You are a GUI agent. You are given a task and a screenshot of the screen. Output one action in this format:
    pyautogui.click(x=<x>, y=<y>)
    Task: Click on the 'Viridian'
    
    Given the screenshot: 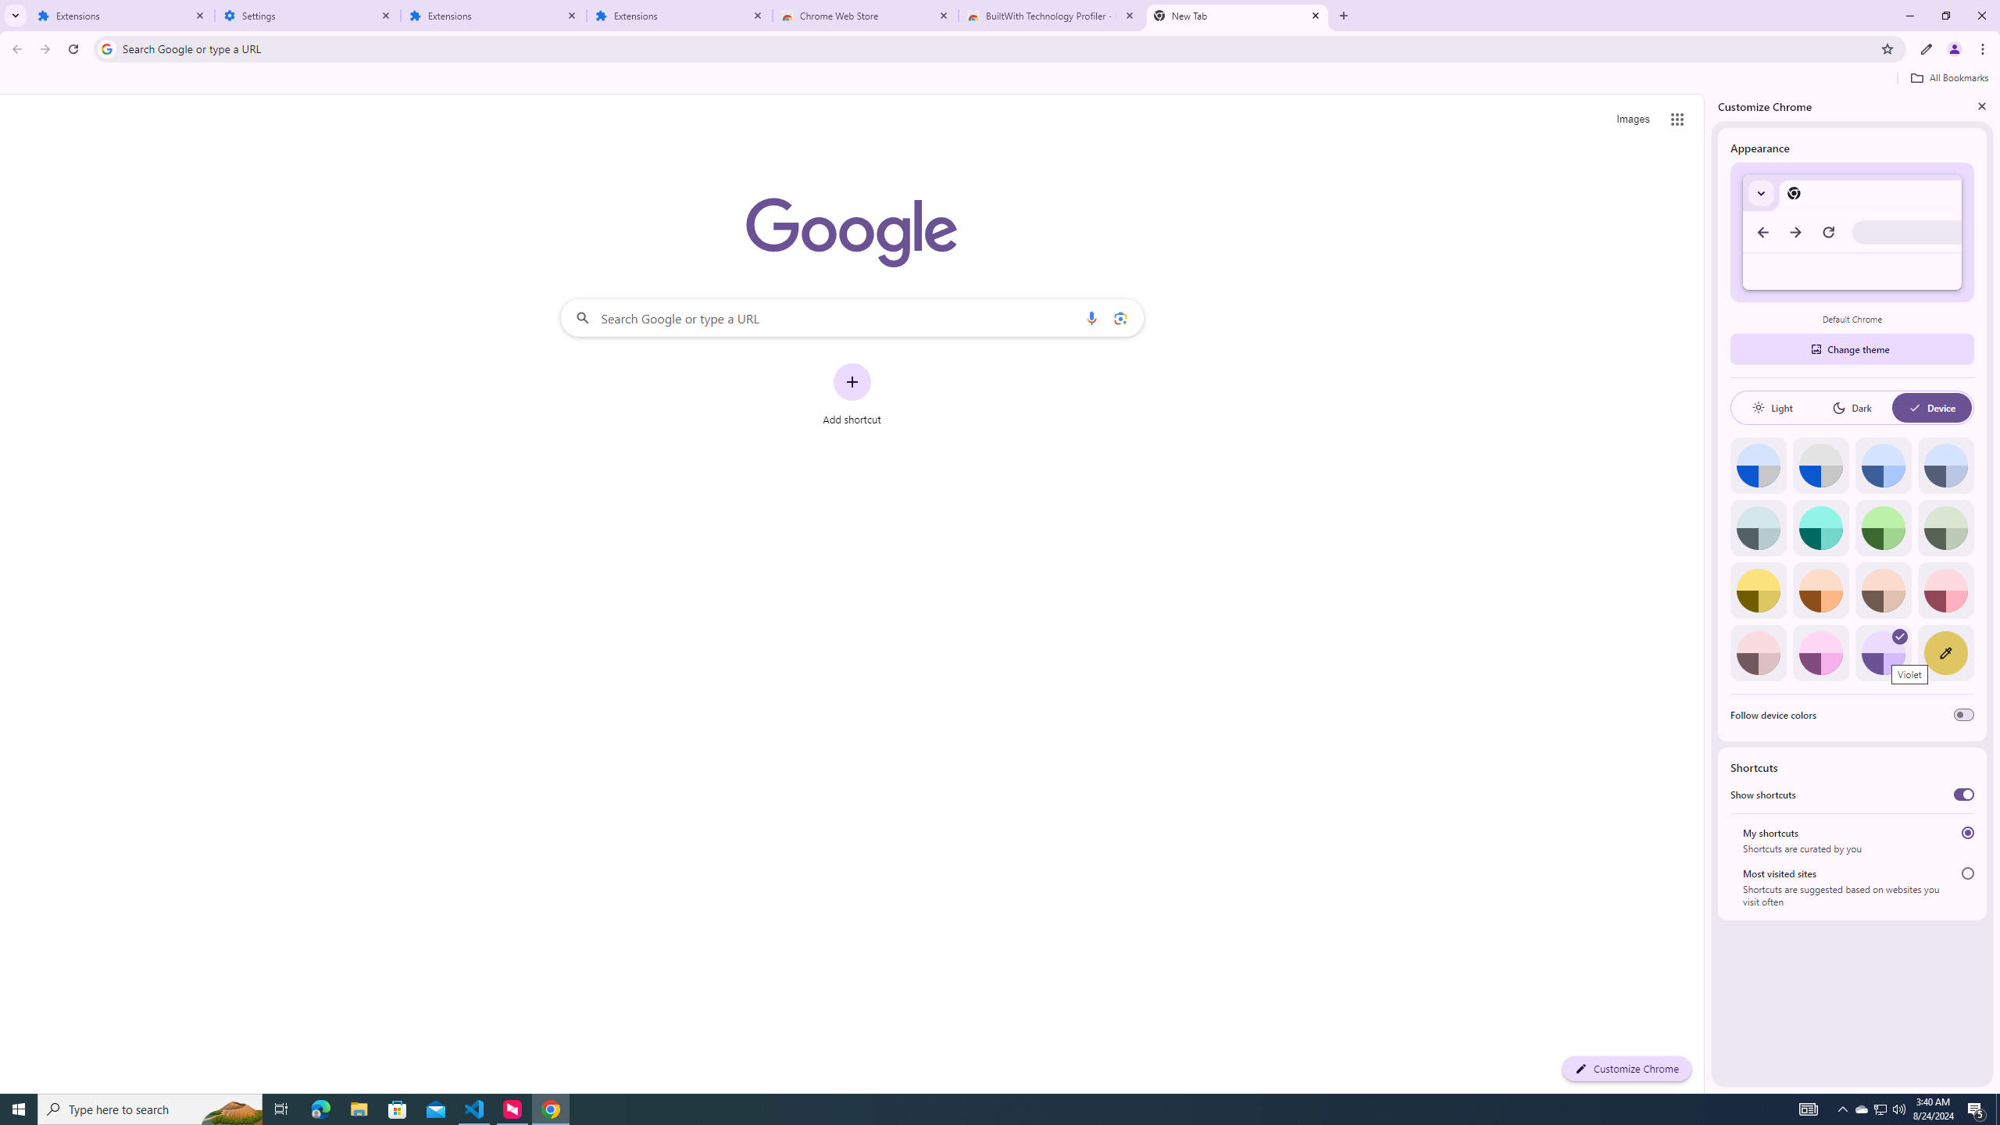 What is the action you would take?
    pyautogui.click(x=1945, y=527)
    